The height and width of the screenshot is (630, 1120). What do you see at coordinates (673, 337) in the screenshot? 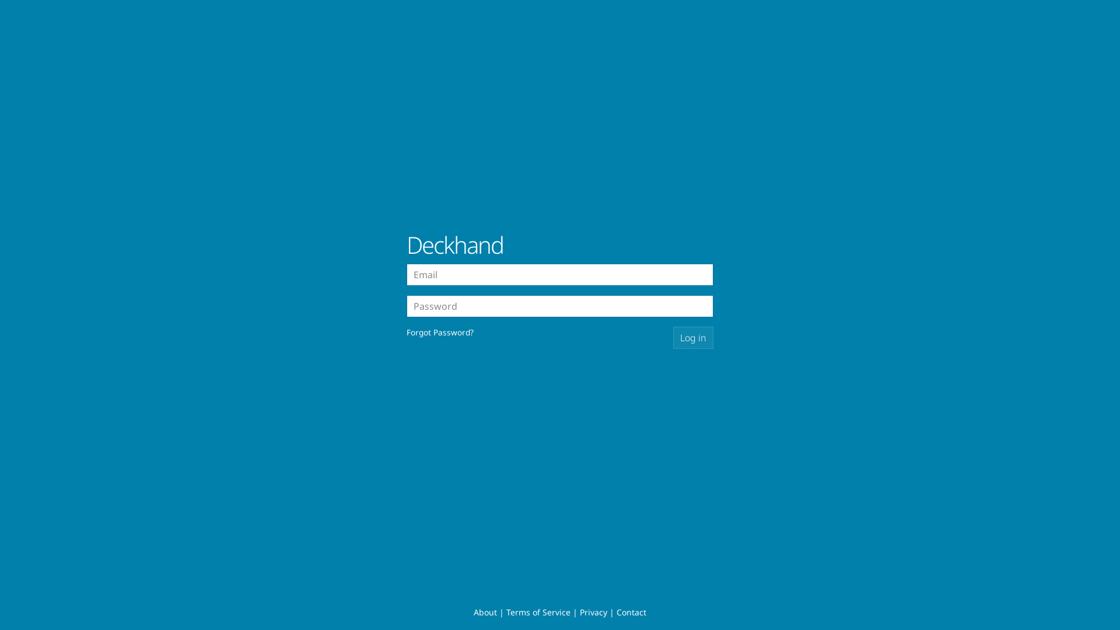
I see `'Log in'` at bounding box center [673, 337].